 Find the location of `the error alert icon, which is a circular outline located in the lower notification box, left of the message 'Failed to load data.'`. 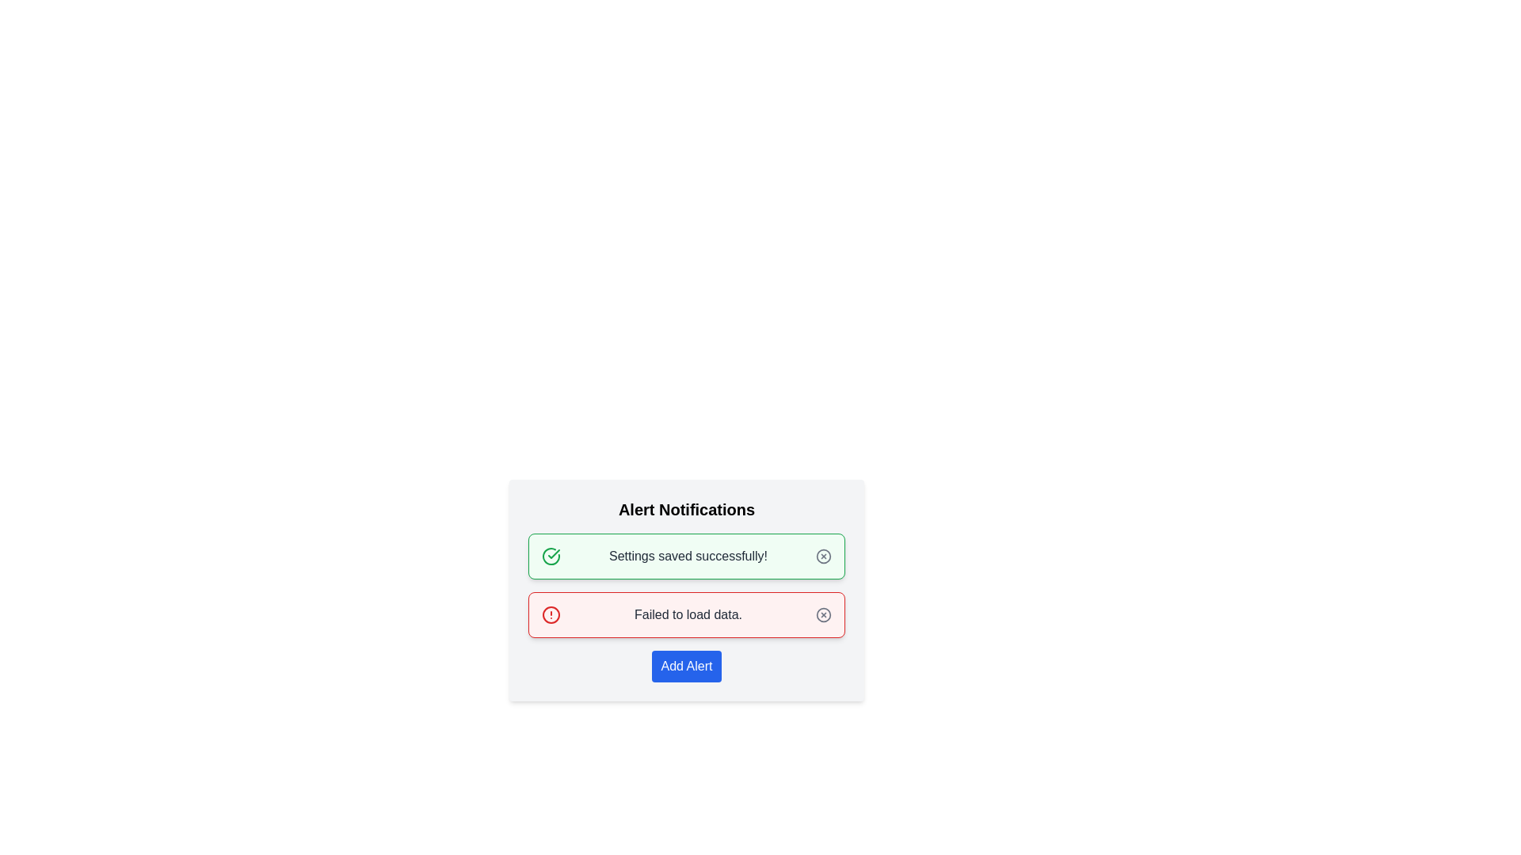

the error alert icon, which is a circular outline located in the lower notification box, left of the message 'Failed to load data.' is located at coordinates (551, 614).